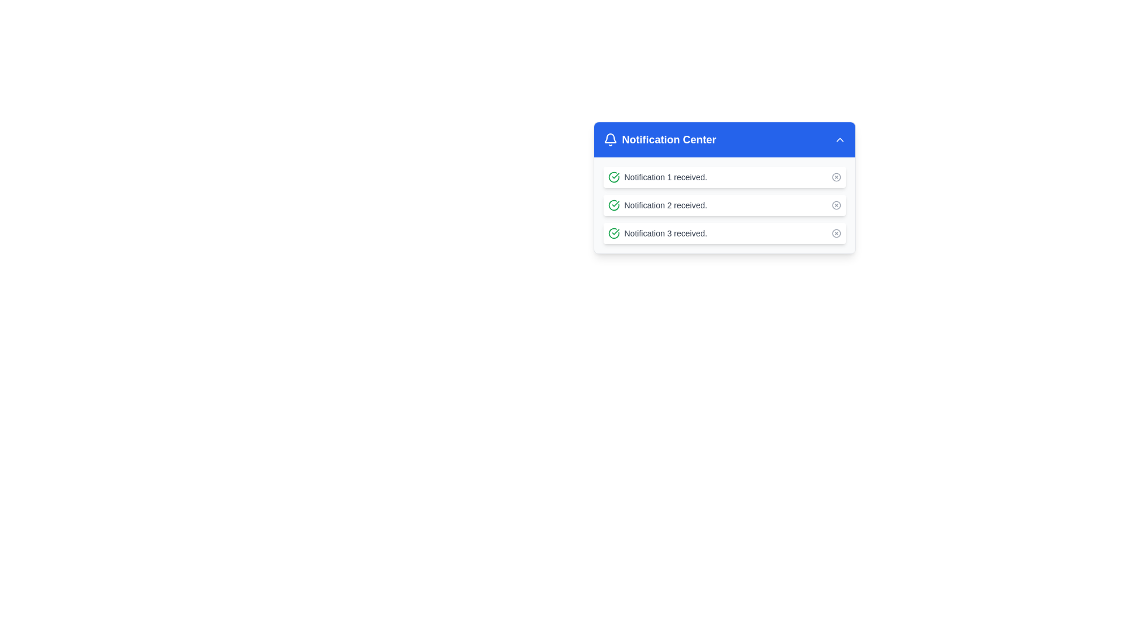 The height and width of the screenshot is (632, 1124). I want to click on the notification icon located at the far left side of the 'Notification Center' header to interact with it, so click(609, 139).